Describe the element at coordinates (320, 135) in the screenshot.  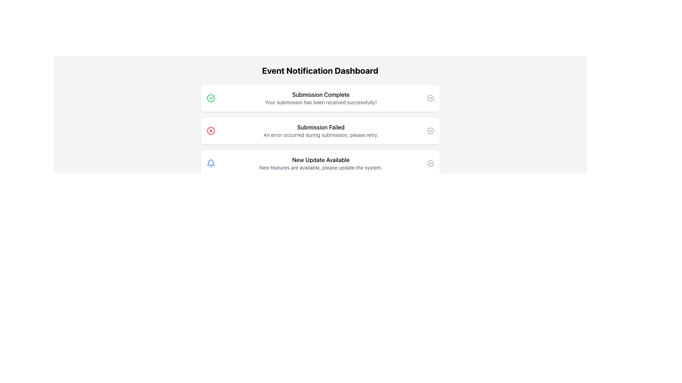
I see `the text element that reads 'An error occurred during submission, please retry.' which is styled in a smaller gray font and located below the heading 'Submission Failed.'` at that location.